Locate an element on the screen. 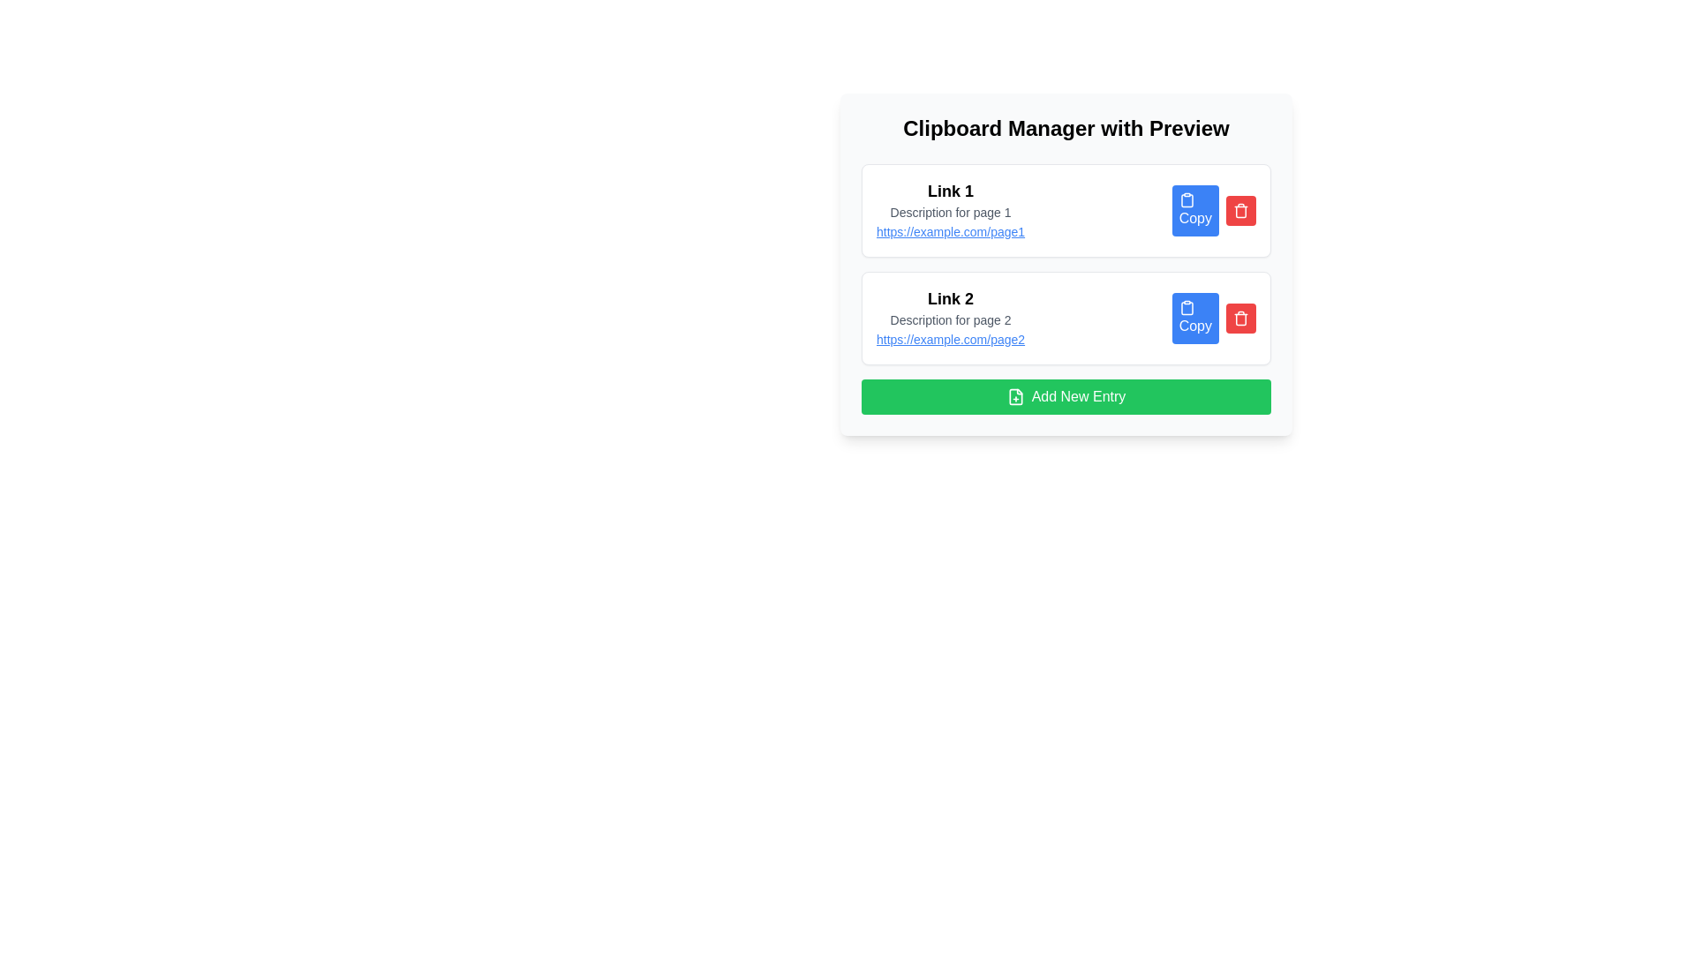 The height and width of the screenshot is (953, 1695). the delete icon button located on the far right of the second item in the vertically stacked list is located at coordinates (1240, 319).